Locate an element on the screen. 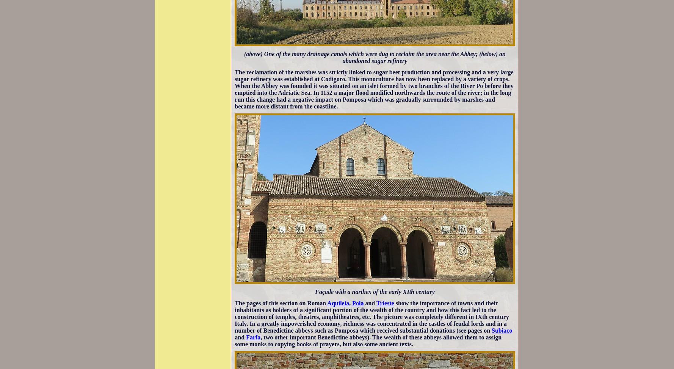 The image size is (674, 369). 'The pages of this section on Roman' is located at coordinates (281, 302).